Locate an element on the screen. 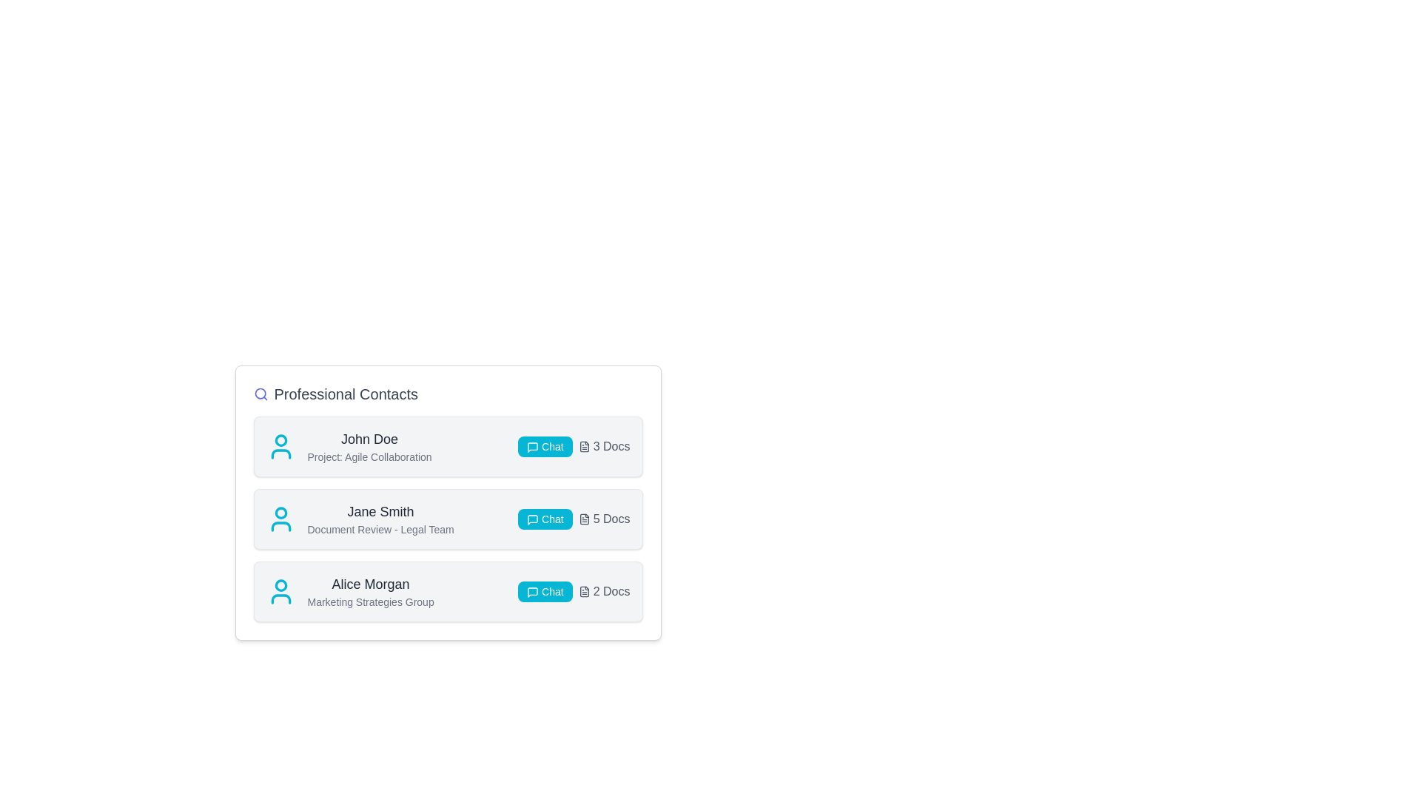 This screenshot has width=1421, height=799. the contact card for John Doe to view their details is located at coordinates (447, 446).